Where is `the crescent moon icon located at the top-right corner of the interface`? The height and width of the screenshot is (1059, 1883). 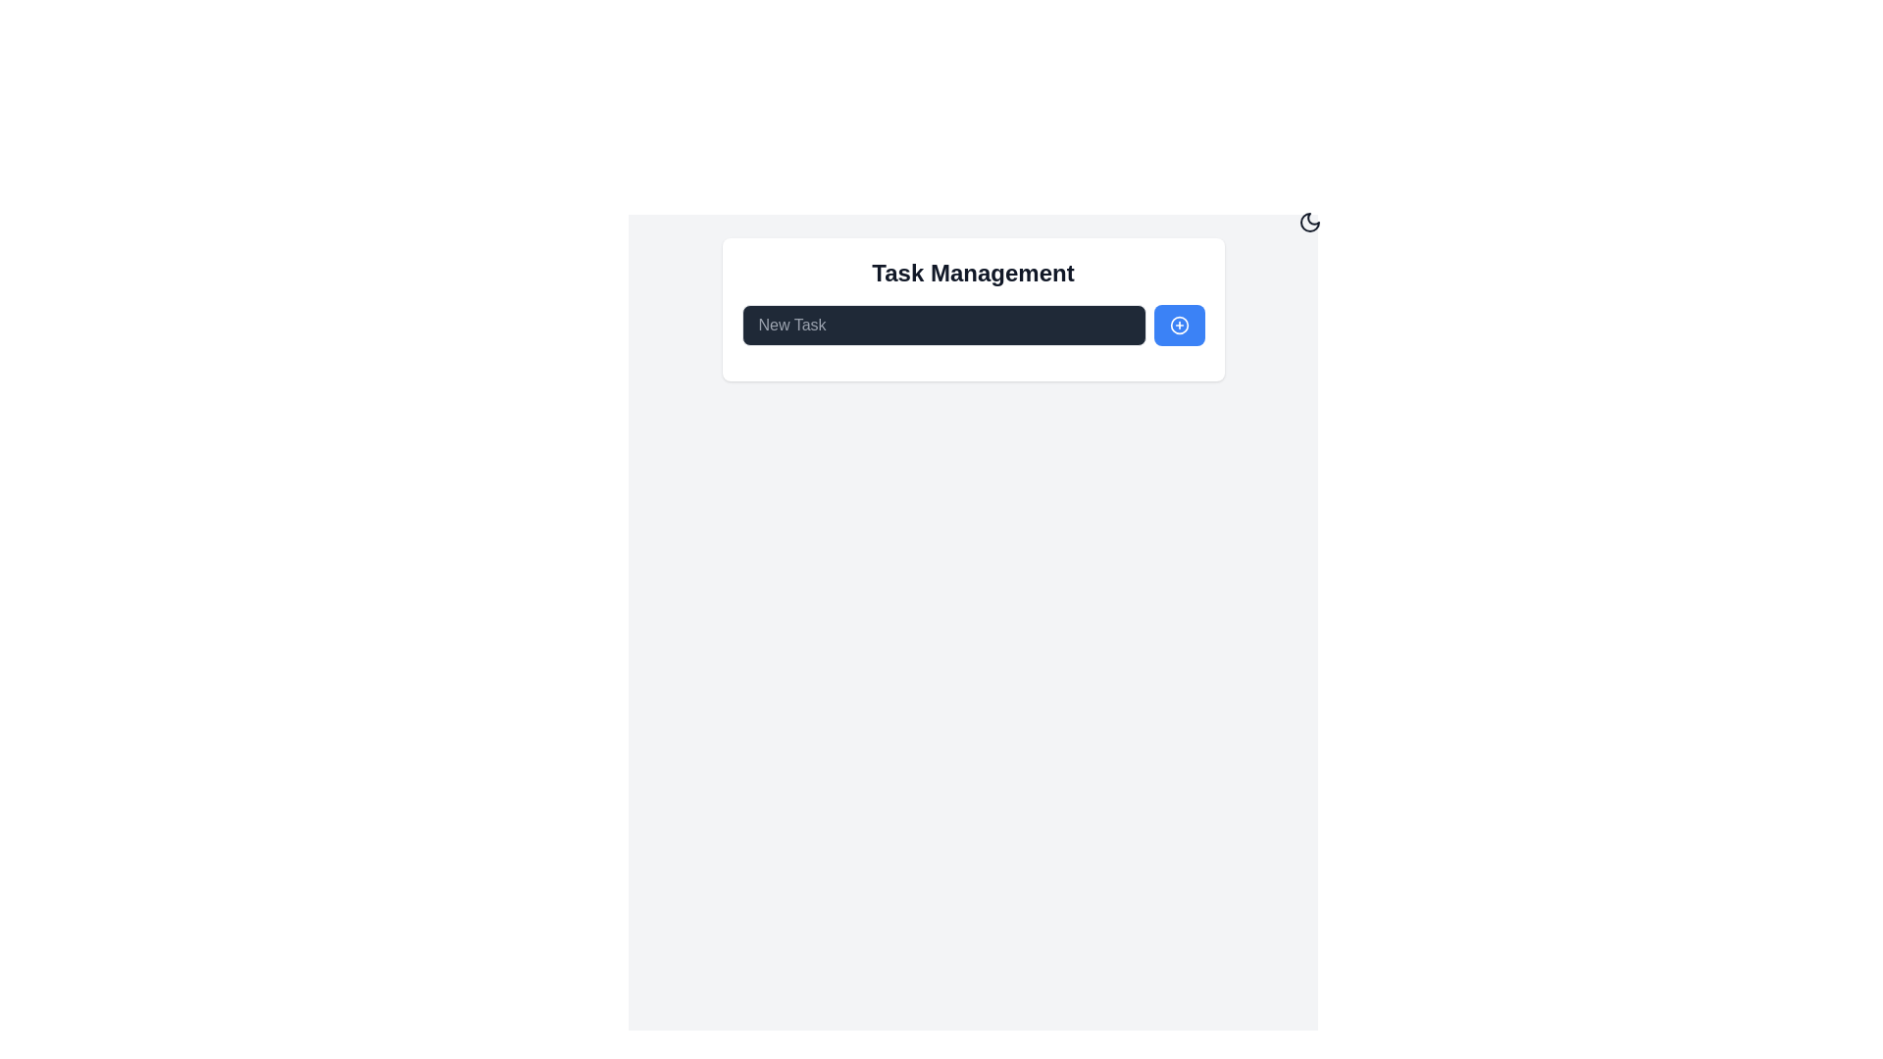
the crescent moon icon located at the top-right corner of the interface is located at coordinates (1309, 222).